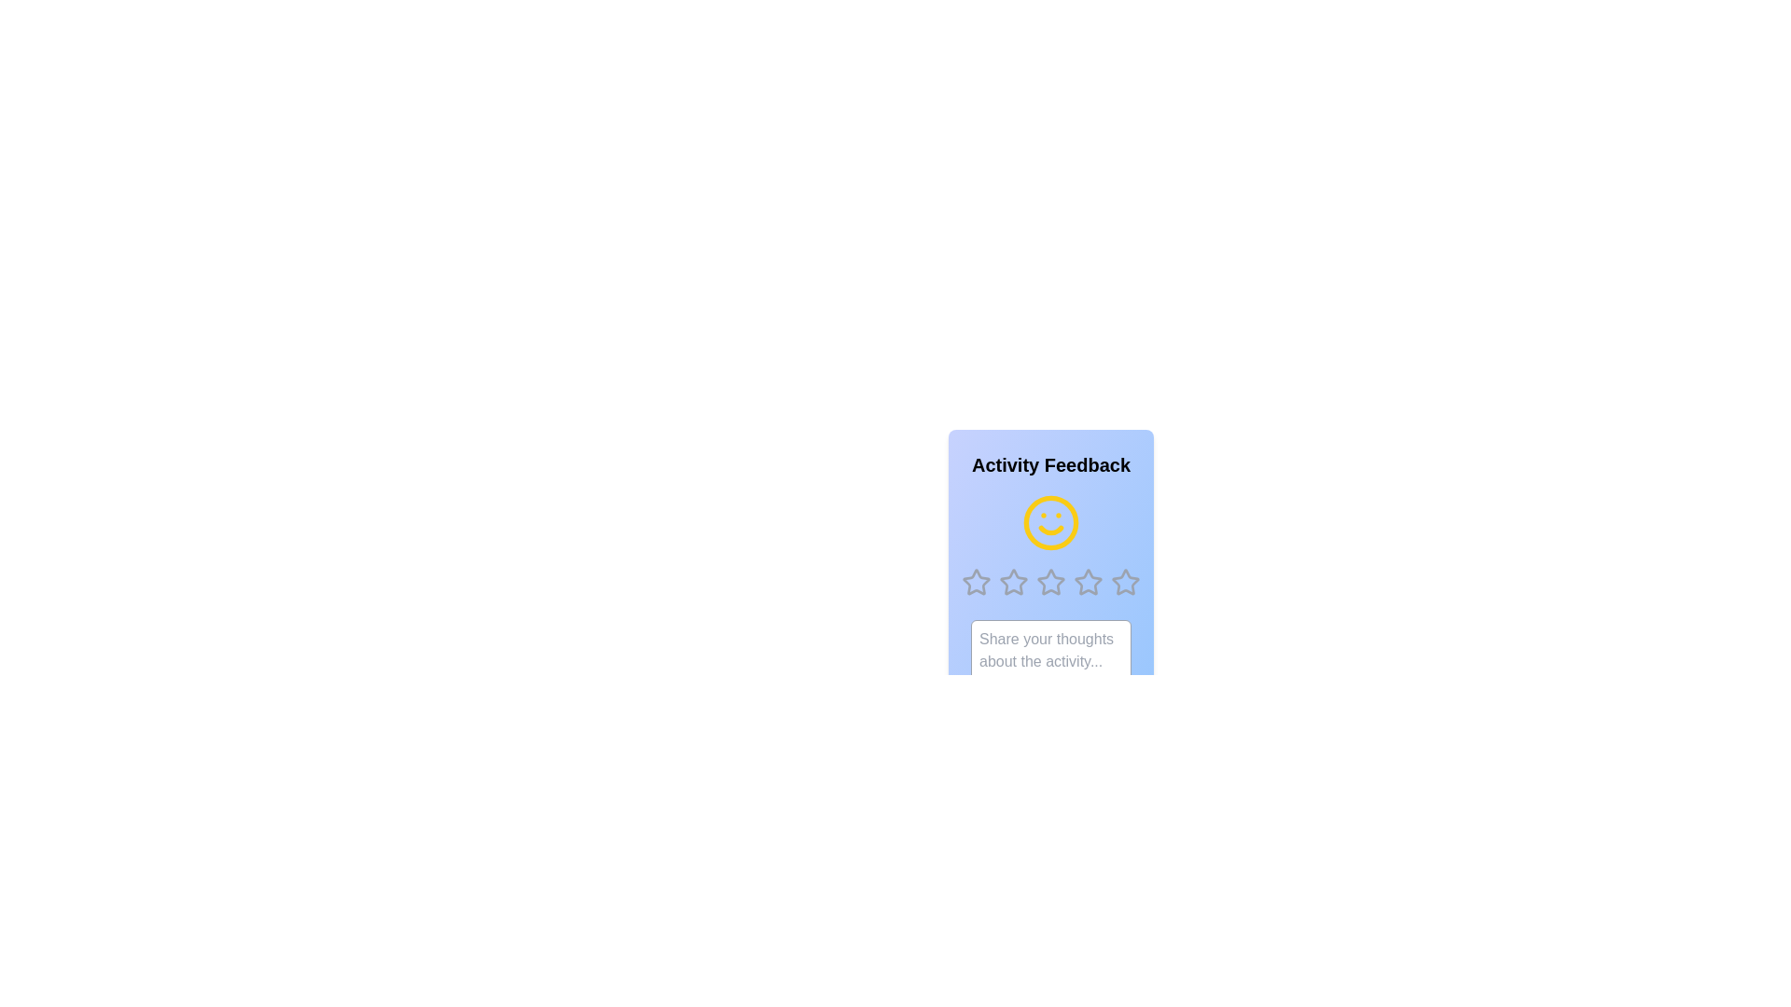 The height and width of the screenshot is (1007, 1791). I want to click on the third rating star icon for keyboard interaction, so click(1051, 581).